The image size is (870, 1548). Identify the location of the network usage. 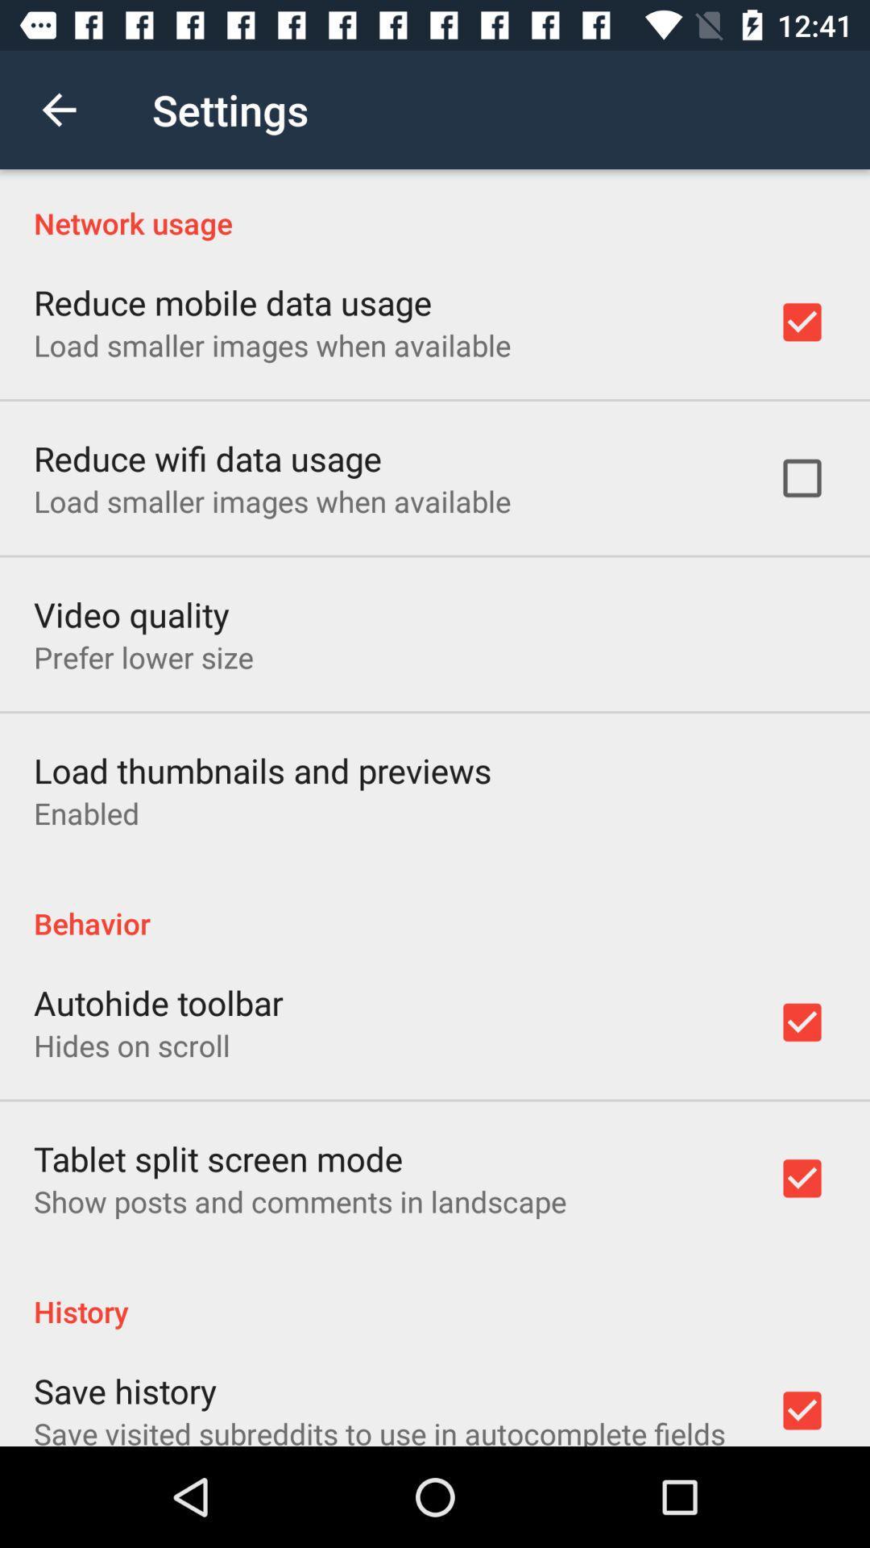
(435, 205).